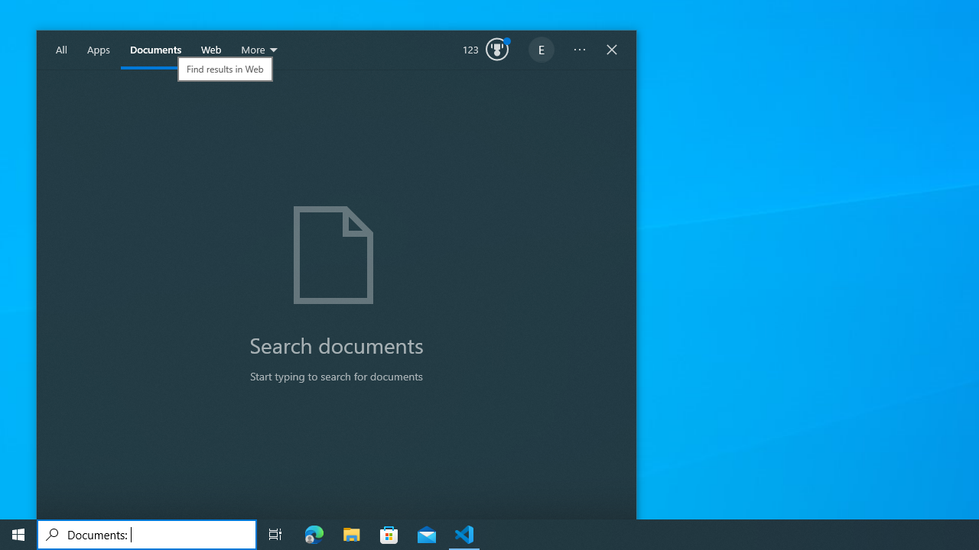 Image resolution: width=979 pixels, height=550 pixels. Describe the element at coordinates (224, 69) in the screenshot. I see `'Find results in Web'` at that location.